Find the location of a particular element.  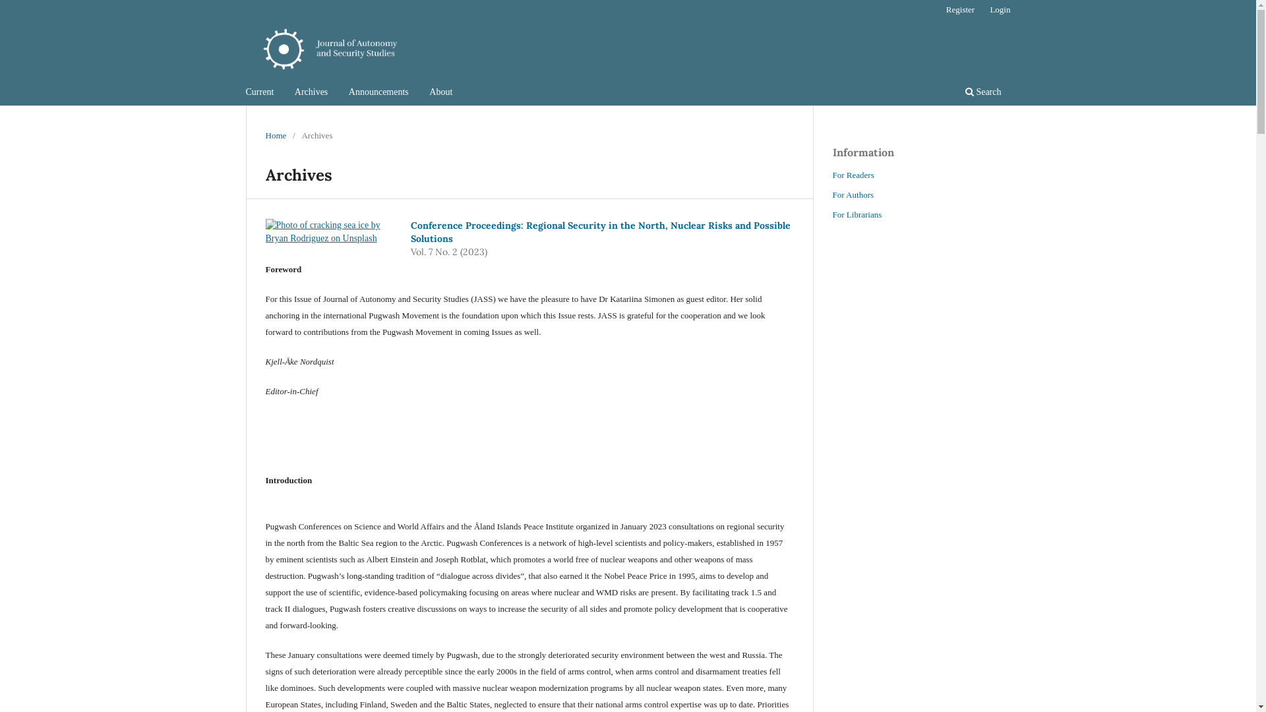

'For Authors' is located at coordinates (853, 194).